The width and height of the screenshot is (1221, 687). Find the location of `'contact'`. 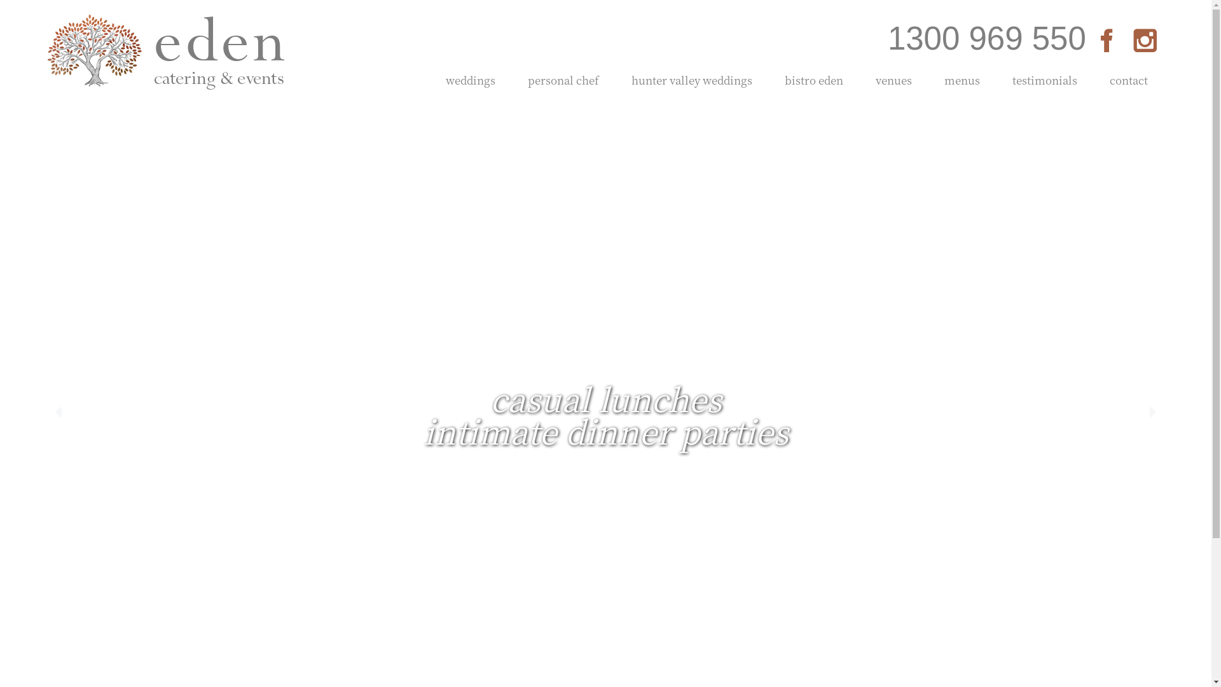

'contact' is located at coordinates (1129, 80).